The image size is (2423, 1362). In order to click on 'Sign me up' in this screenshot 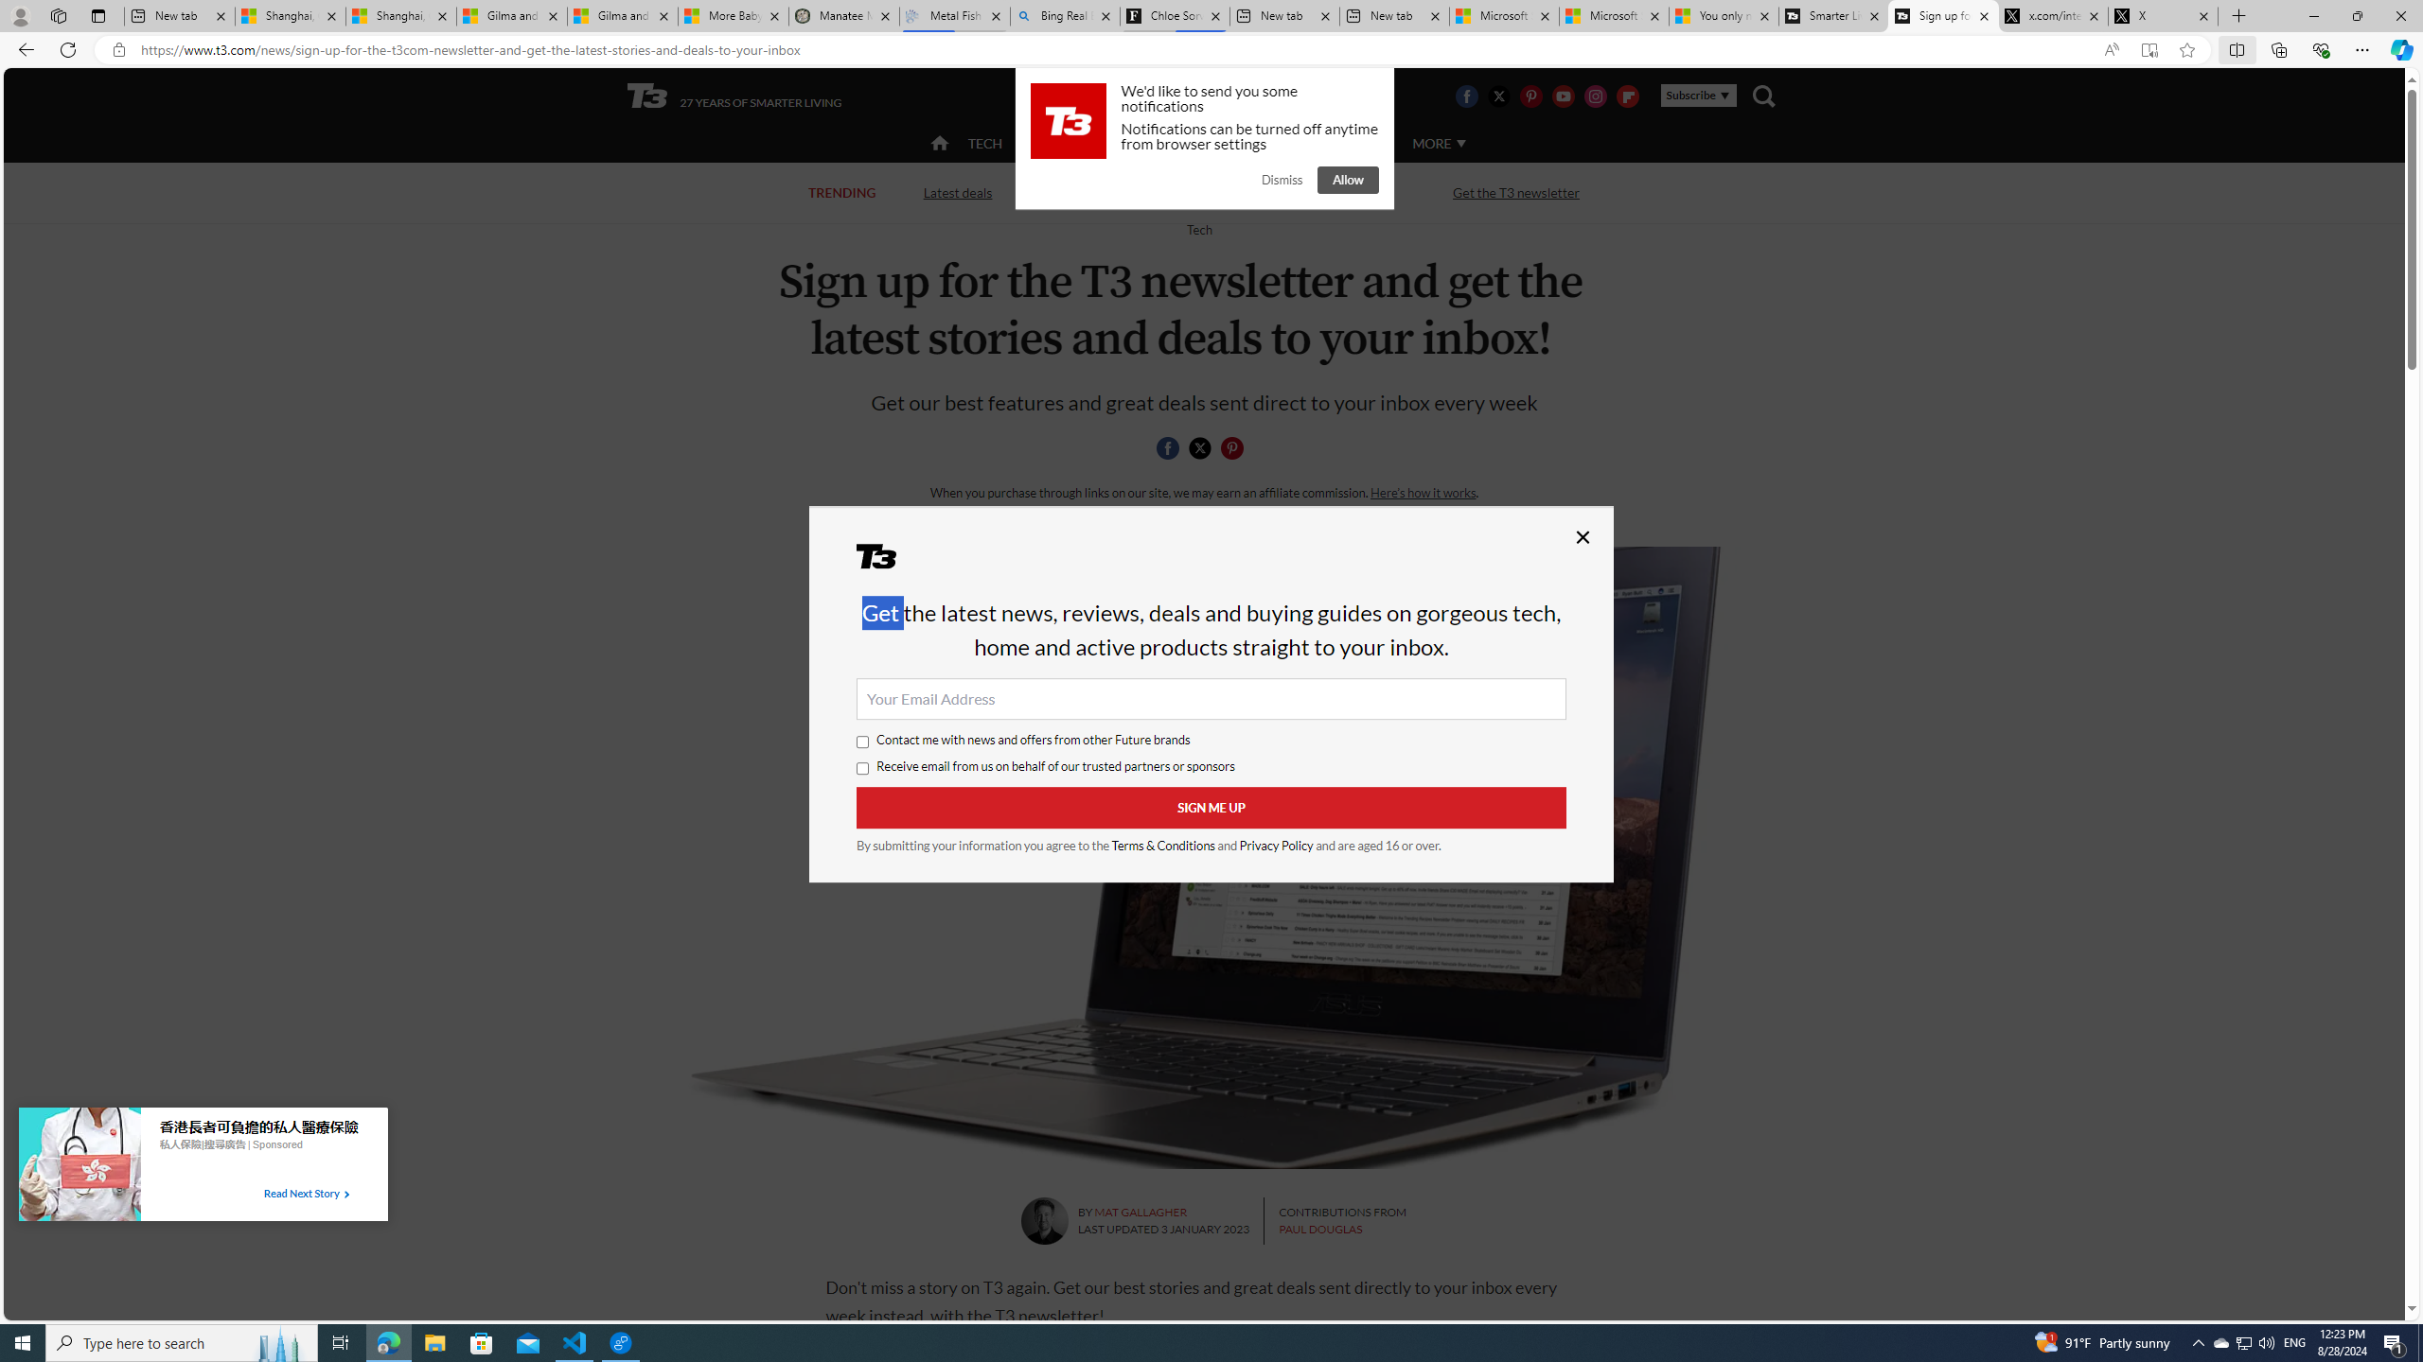, I will do `click(1211, 808)`.